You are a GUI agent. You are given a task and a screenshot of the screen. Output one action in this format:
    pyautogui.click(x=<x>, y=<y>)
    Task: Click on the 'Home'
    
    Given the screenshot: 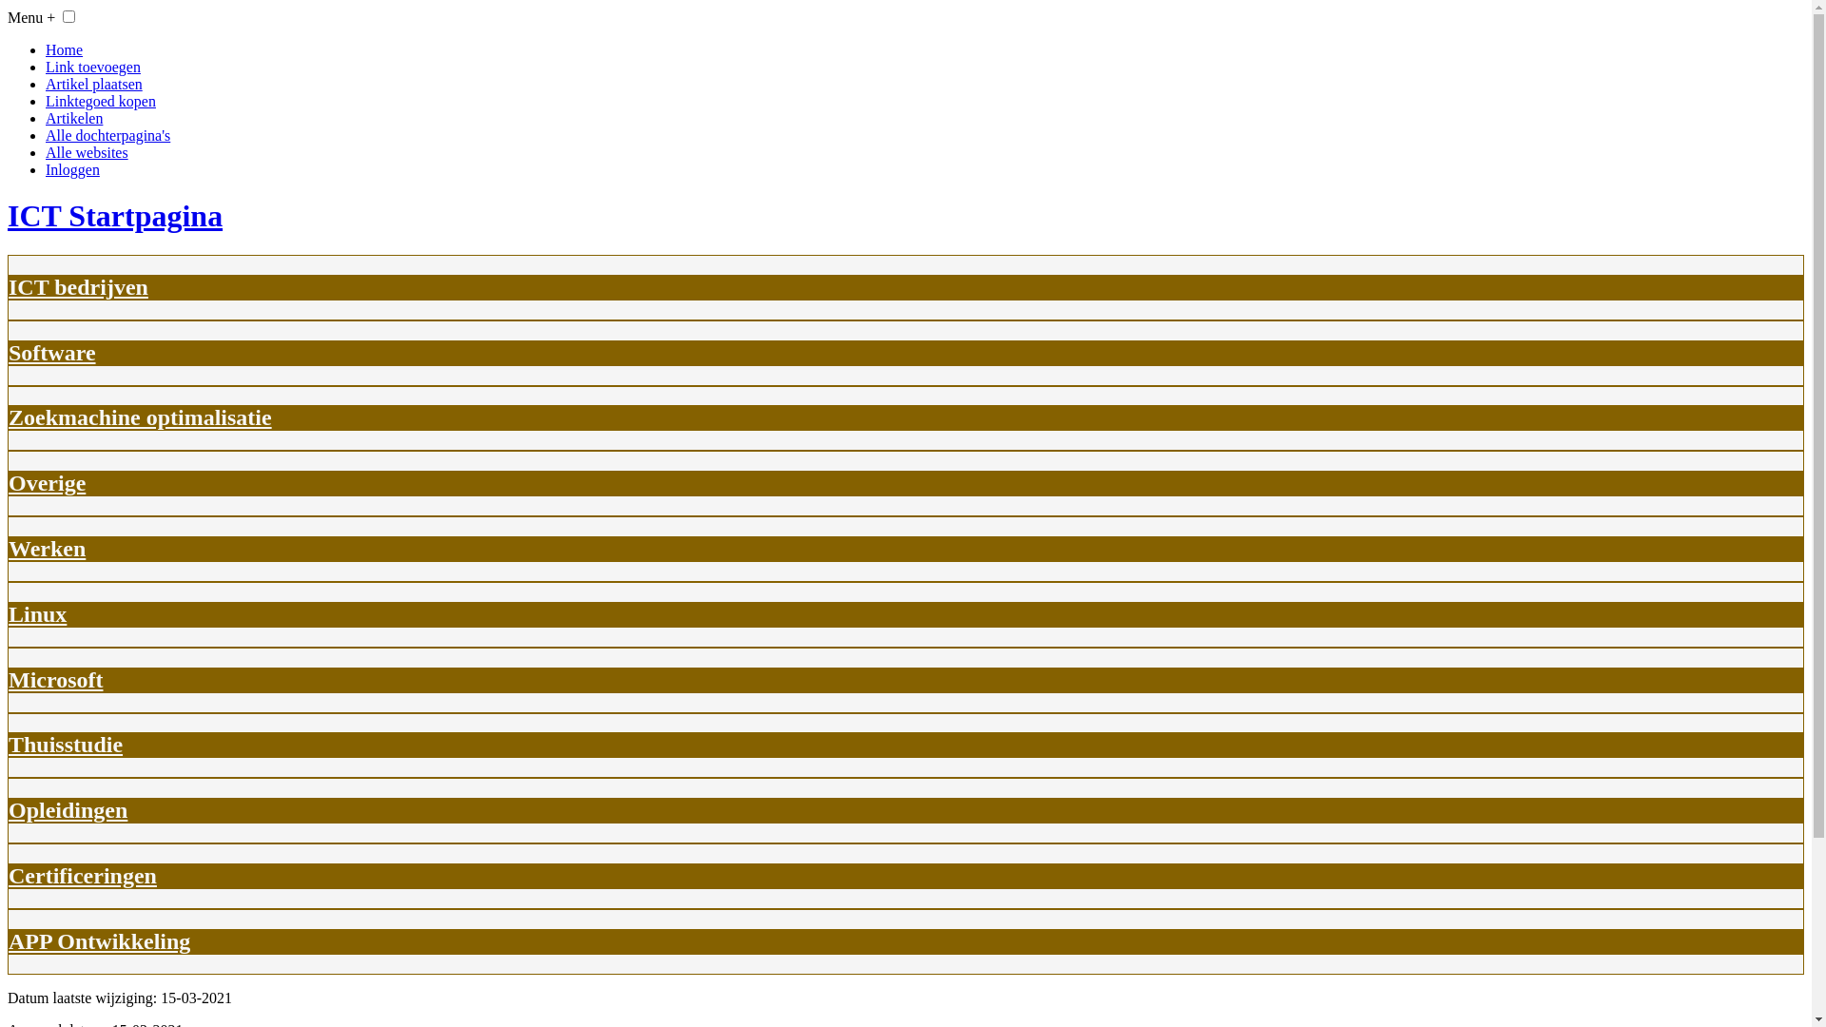 What is the action you would take?
    pyautogui.click(x=64, y=48)
    